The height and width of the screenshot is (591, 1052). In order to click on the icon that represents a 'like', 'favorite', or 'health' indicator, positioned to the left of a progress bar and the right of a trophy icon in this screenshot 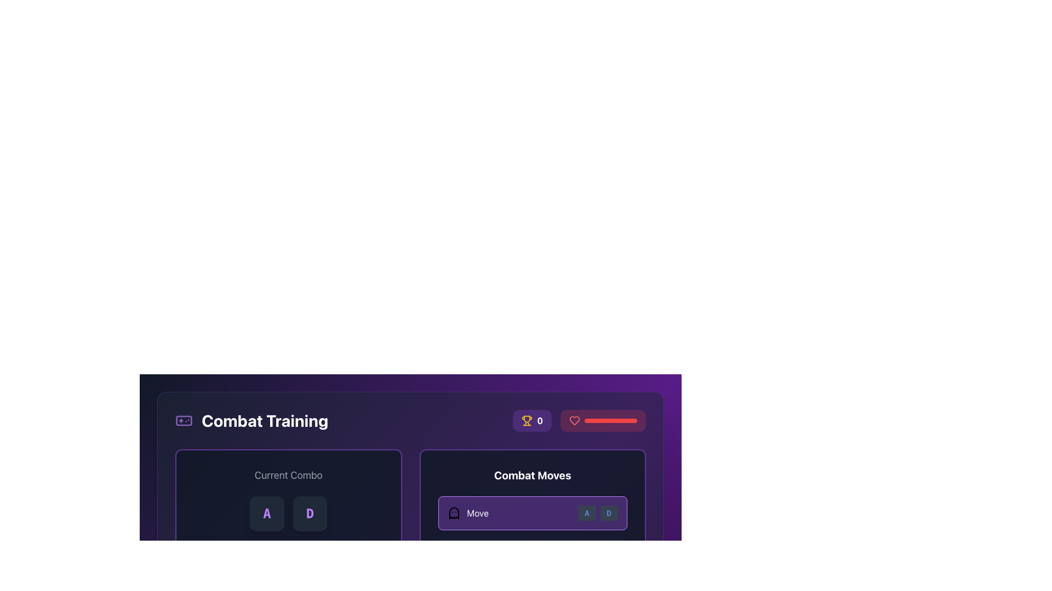, I will do `click(574, 420)`.